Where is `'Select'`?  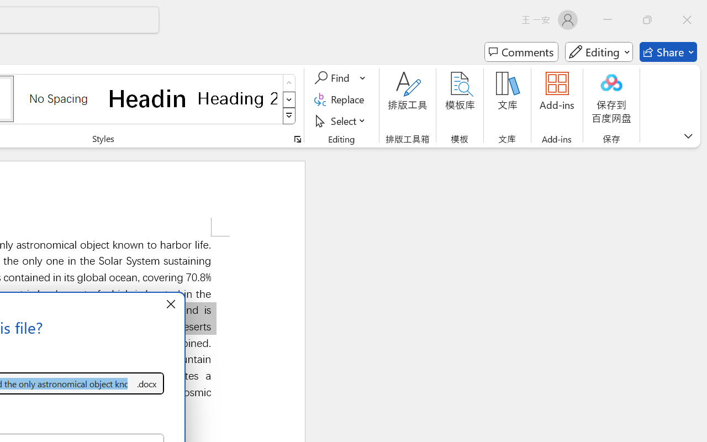
'Select' is located at coordinates (341, 120).